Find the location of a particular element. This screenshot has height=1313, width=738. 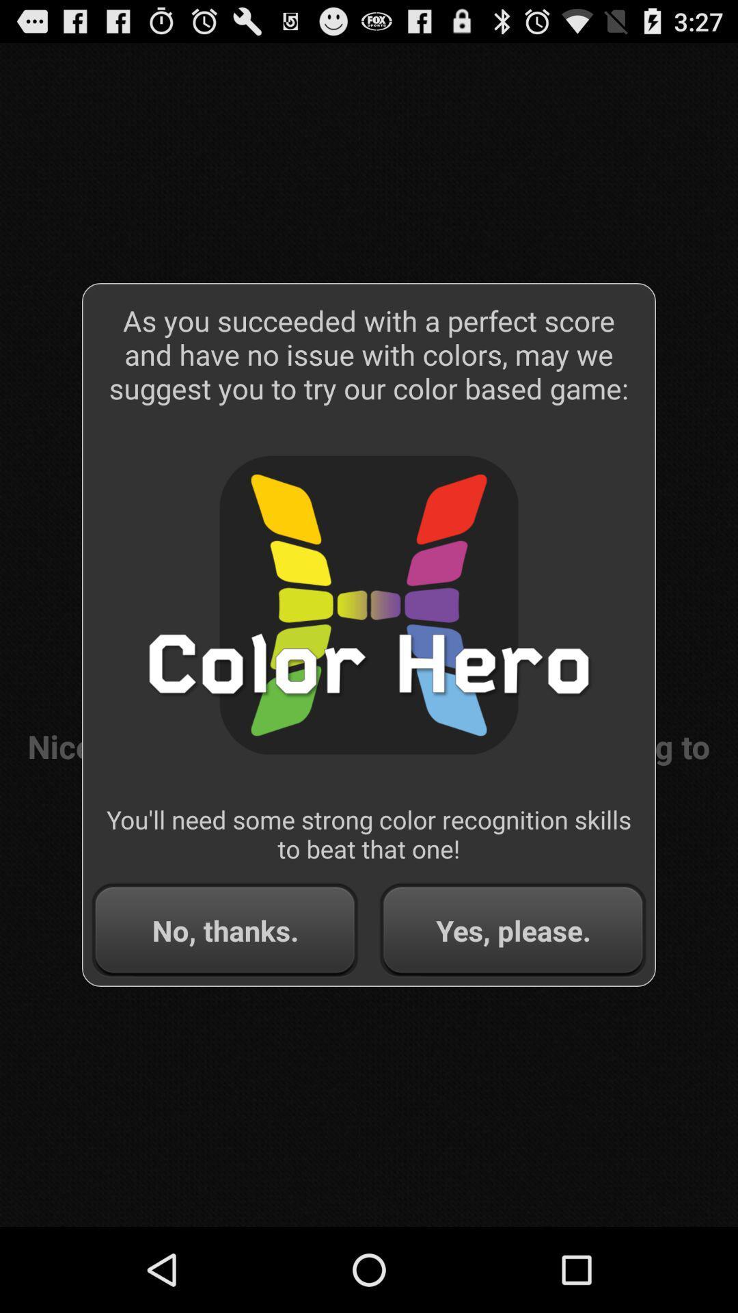

the icon at the bottom right corner is located at coordinates (512, 930).